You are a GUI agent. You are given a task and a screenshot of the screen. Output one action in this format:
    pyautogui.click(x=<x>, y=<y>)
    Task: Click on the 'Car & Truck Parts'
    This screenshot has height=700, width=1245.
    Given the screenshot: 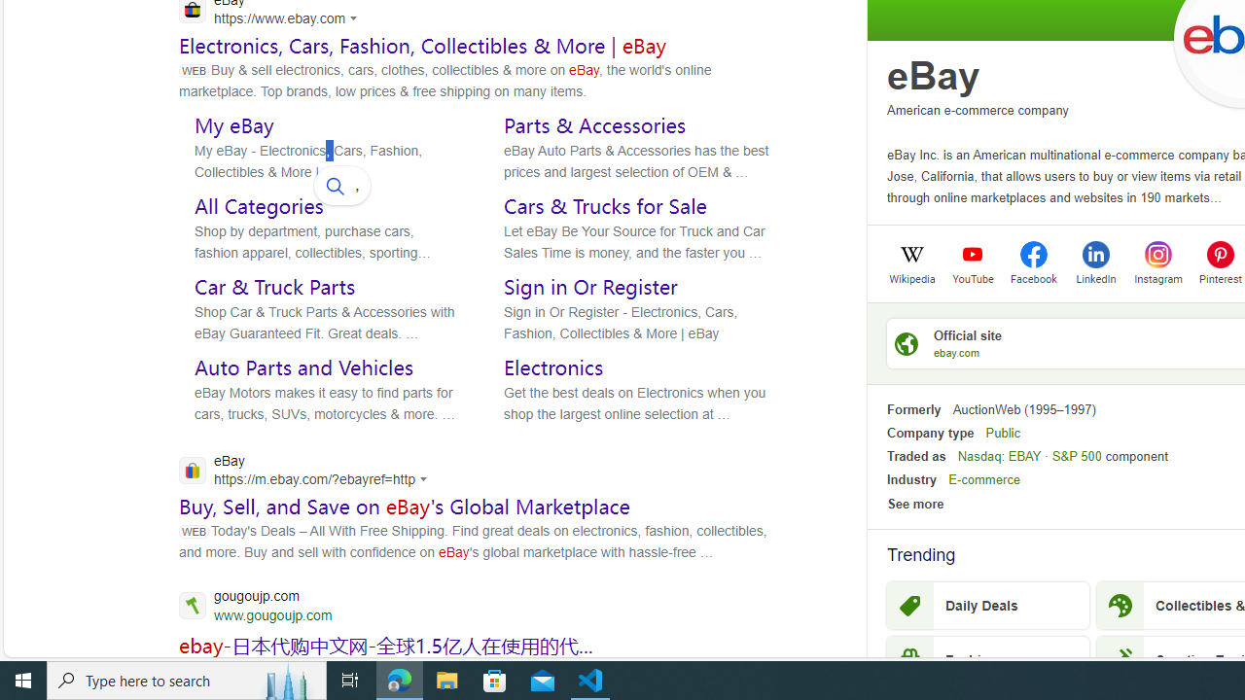 What is the action you would take?
    pyautogui.click(x=273, y=287)
    